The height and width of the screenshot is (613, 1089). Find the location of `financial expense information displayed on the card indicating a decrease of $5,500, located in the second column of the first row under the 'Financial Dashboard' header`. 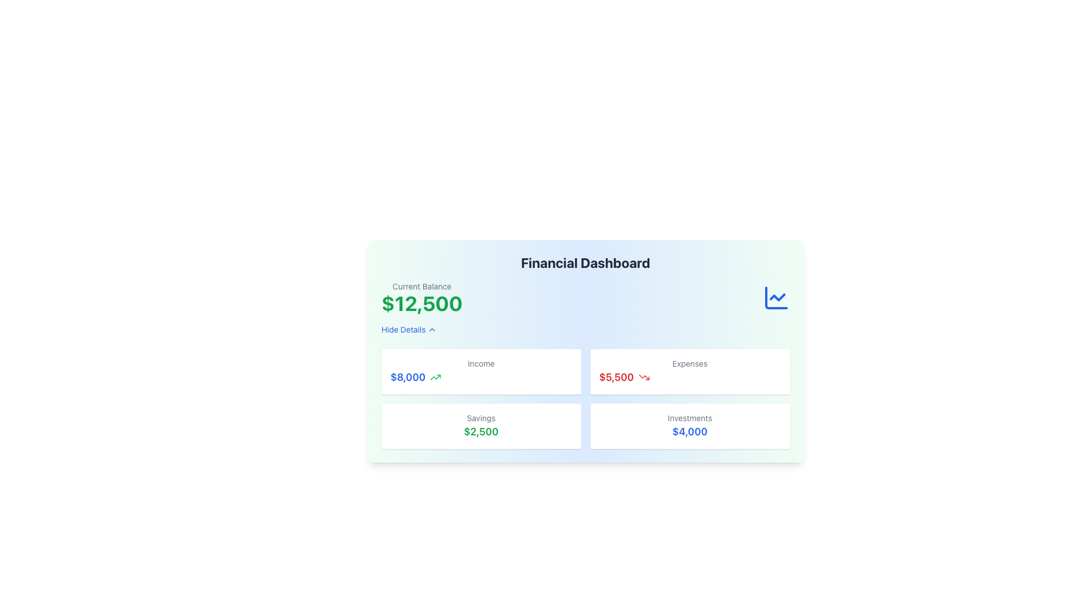

financial expense information displayed on the card indicating a decrease of $5,500, located in the second column of the first row under the 'Financial Dashboard' header is located at coordinates (689, 372).